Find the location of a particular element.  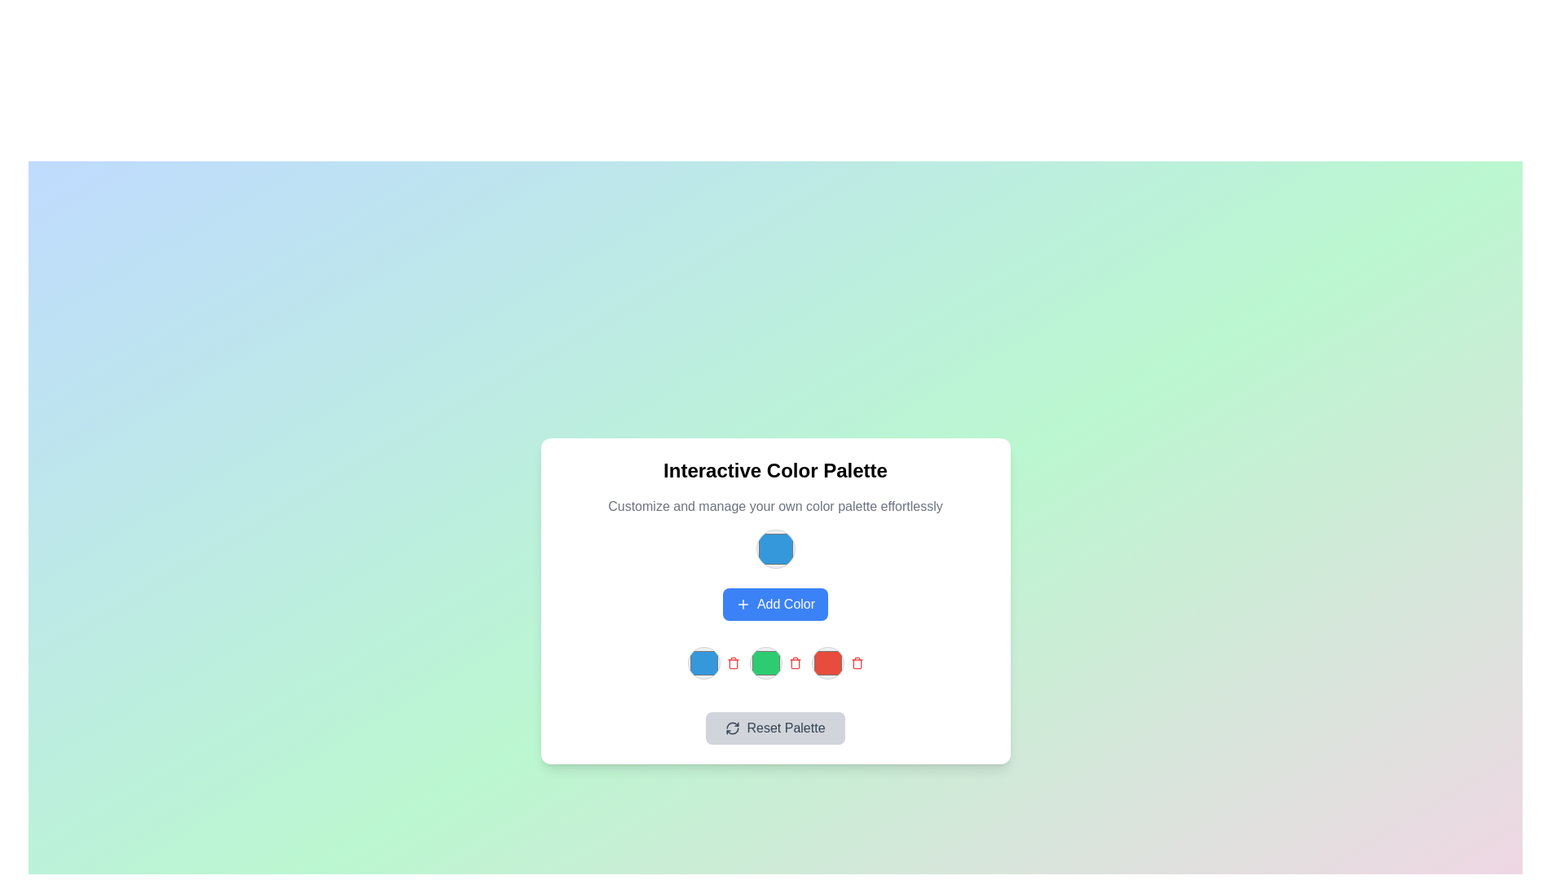

the middle part of the trash bin icon, which represents the delete or remove functionality is located at coordinates (856, 664).